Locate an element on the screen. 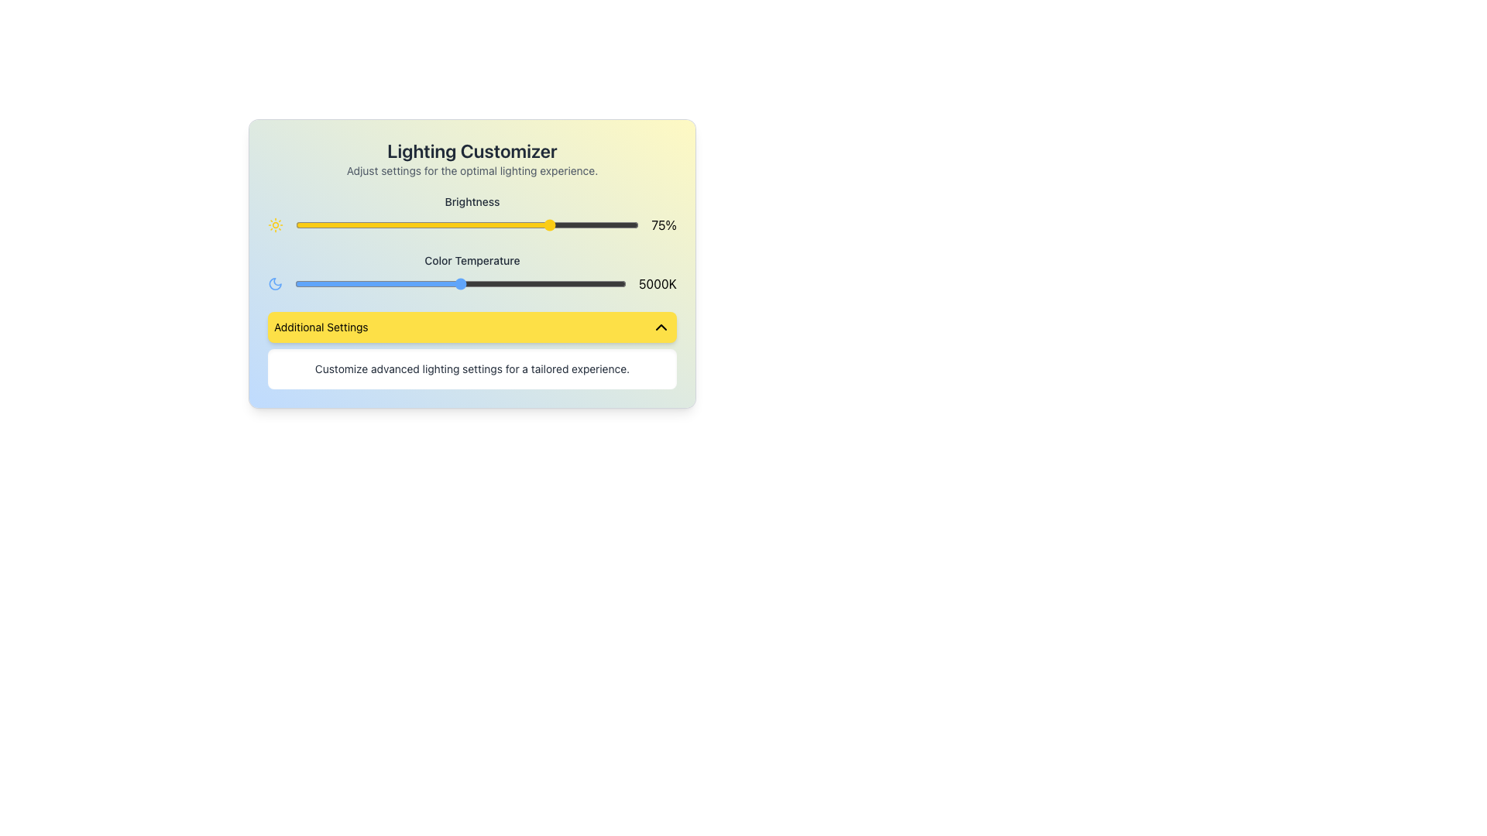 This screenshot has height=836, width=1487. the brightness level is located at coordinates (569, 224).